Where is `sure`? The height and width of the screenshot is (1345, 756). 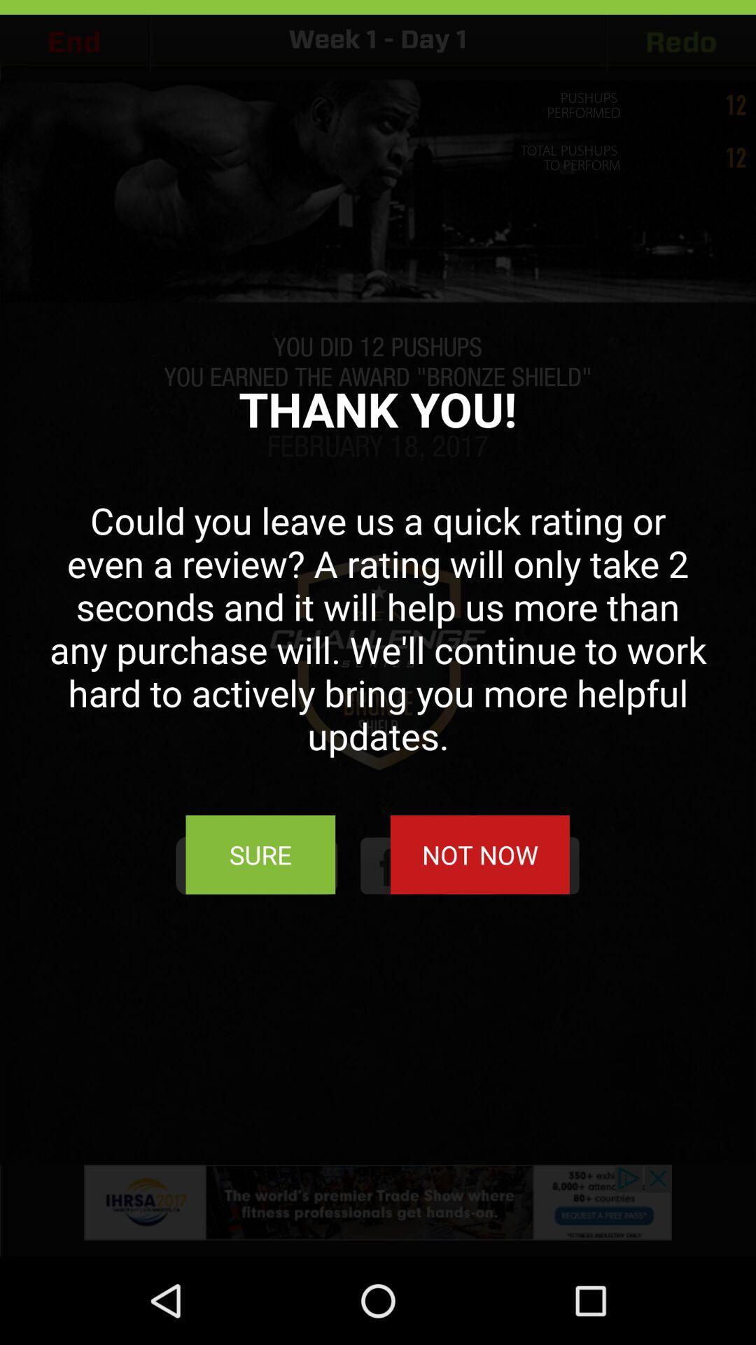 sure is located at coordinates (260, 854).